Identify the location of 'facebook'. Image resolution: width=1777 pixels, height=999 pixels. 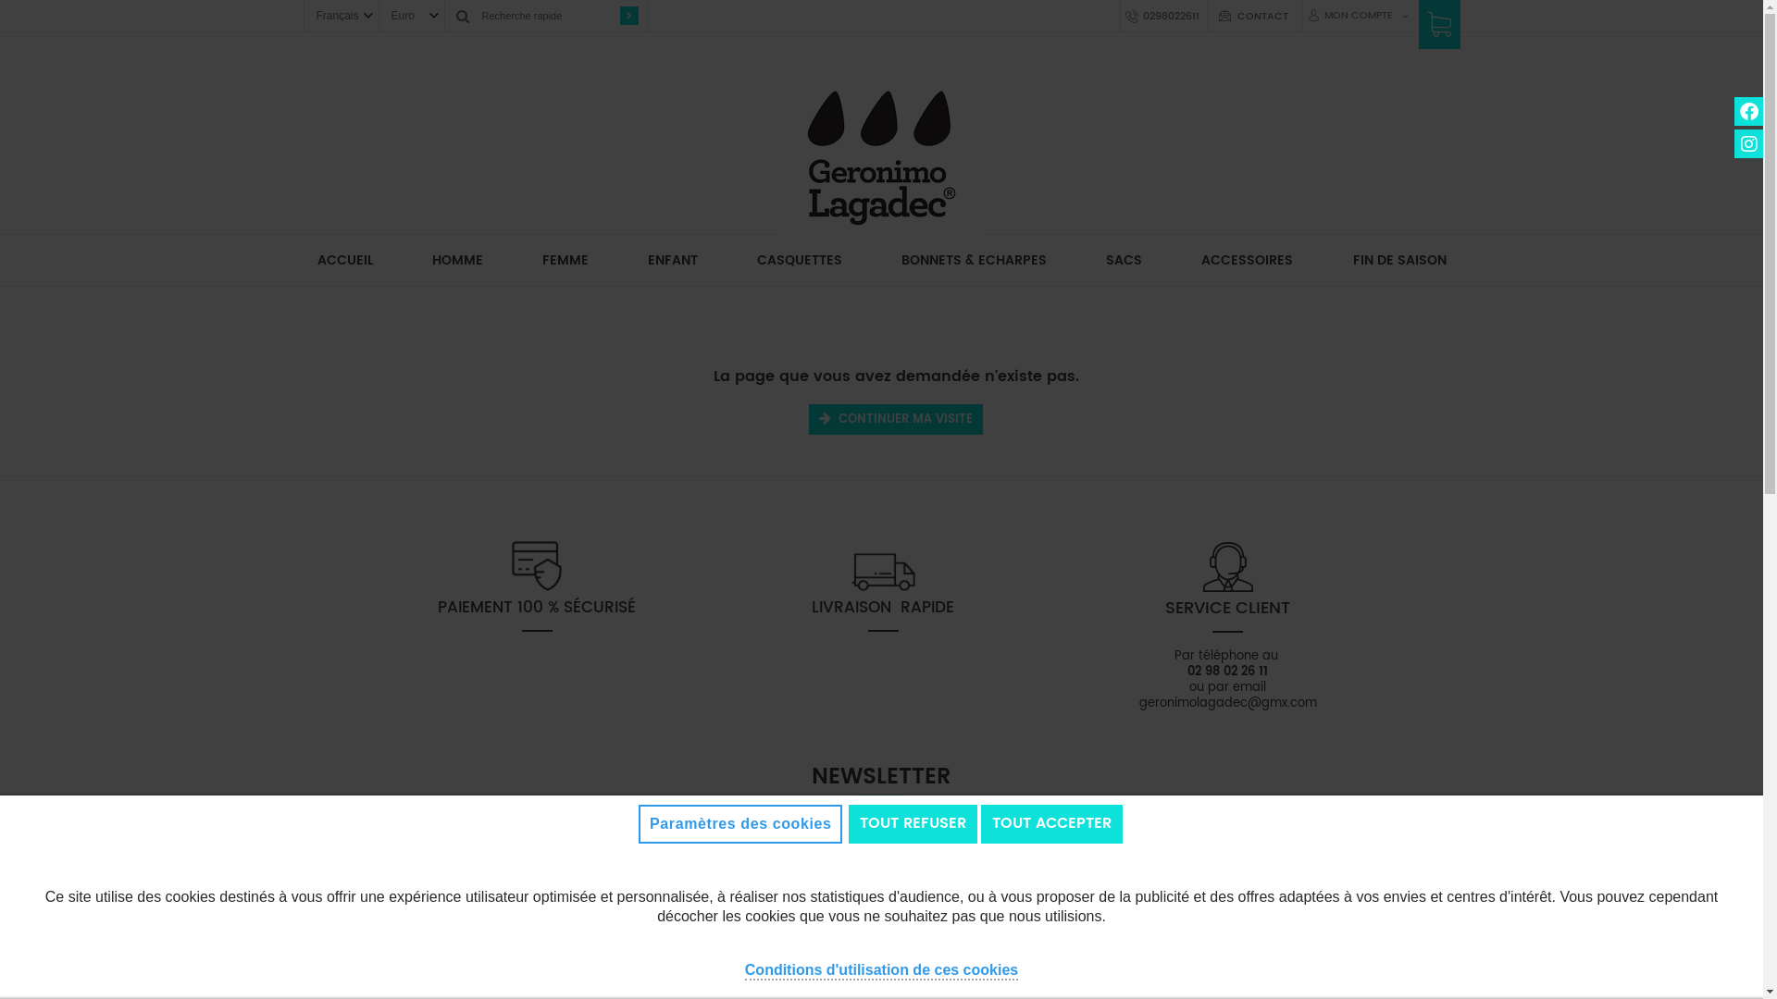
(1733, 111).